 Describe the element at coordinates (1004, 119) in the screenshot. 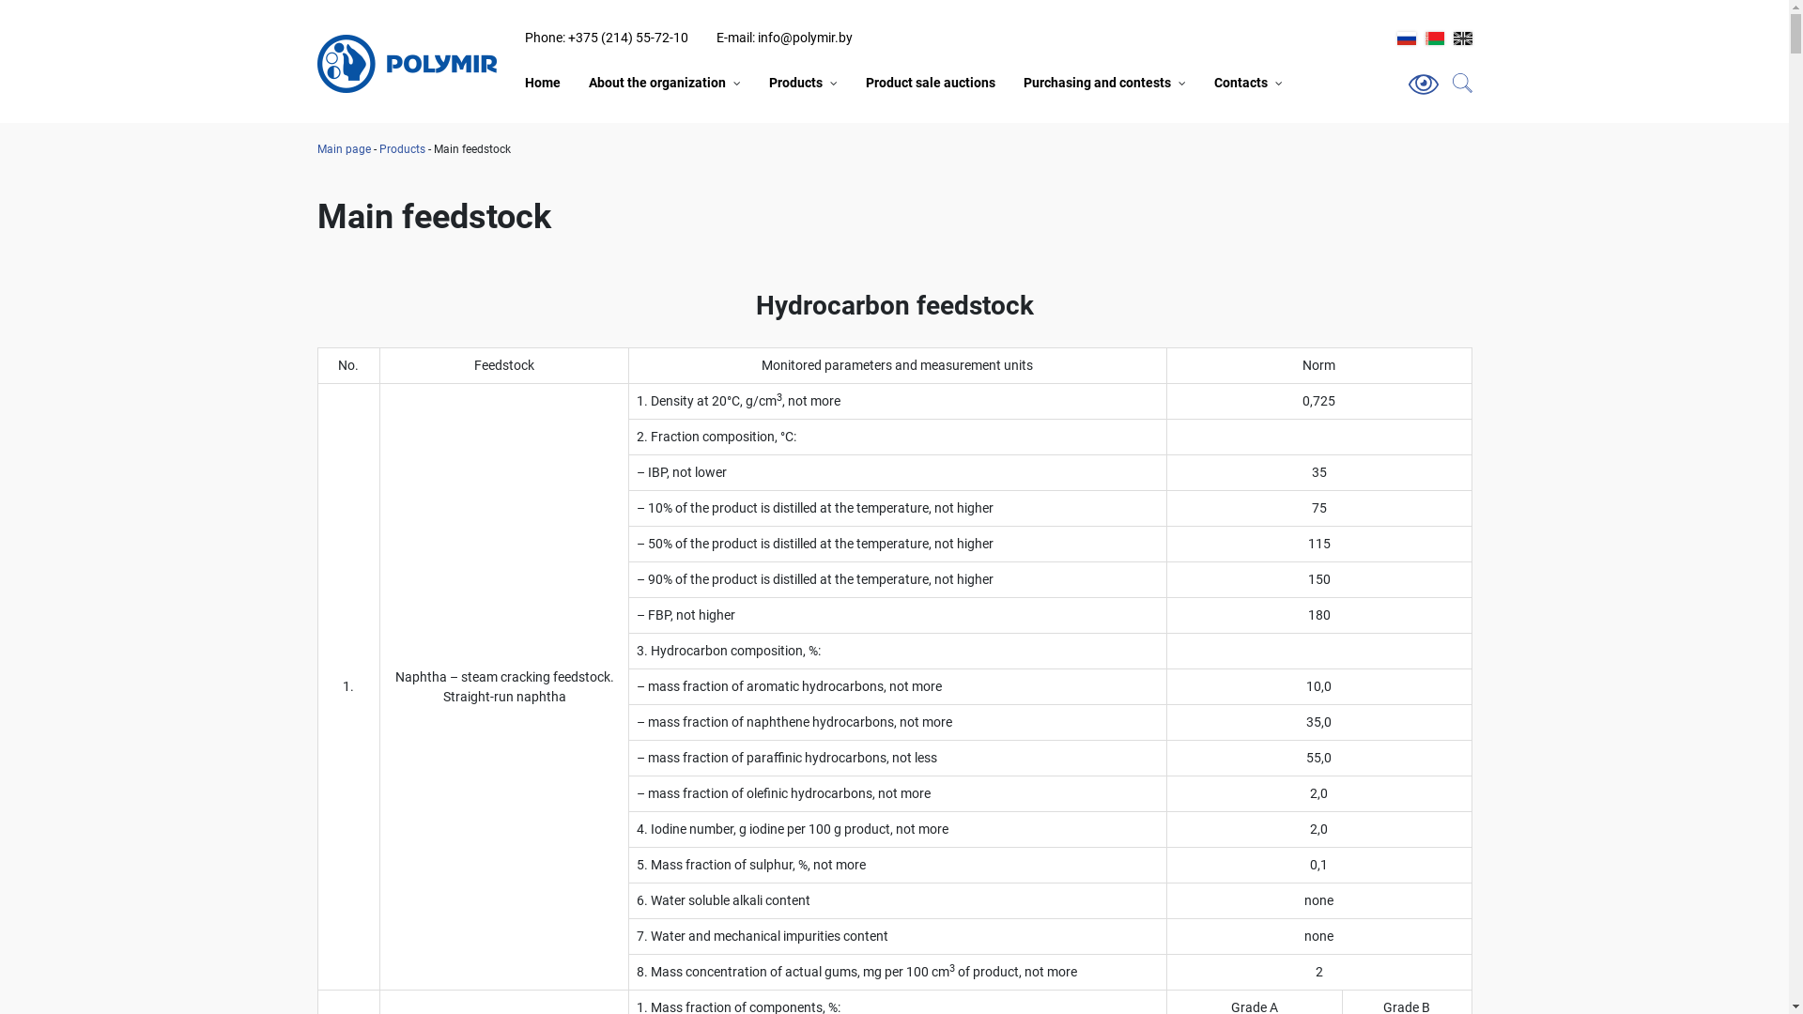

I see `'Purchase of chemical raw materials and auxiliary materials'` at that location.